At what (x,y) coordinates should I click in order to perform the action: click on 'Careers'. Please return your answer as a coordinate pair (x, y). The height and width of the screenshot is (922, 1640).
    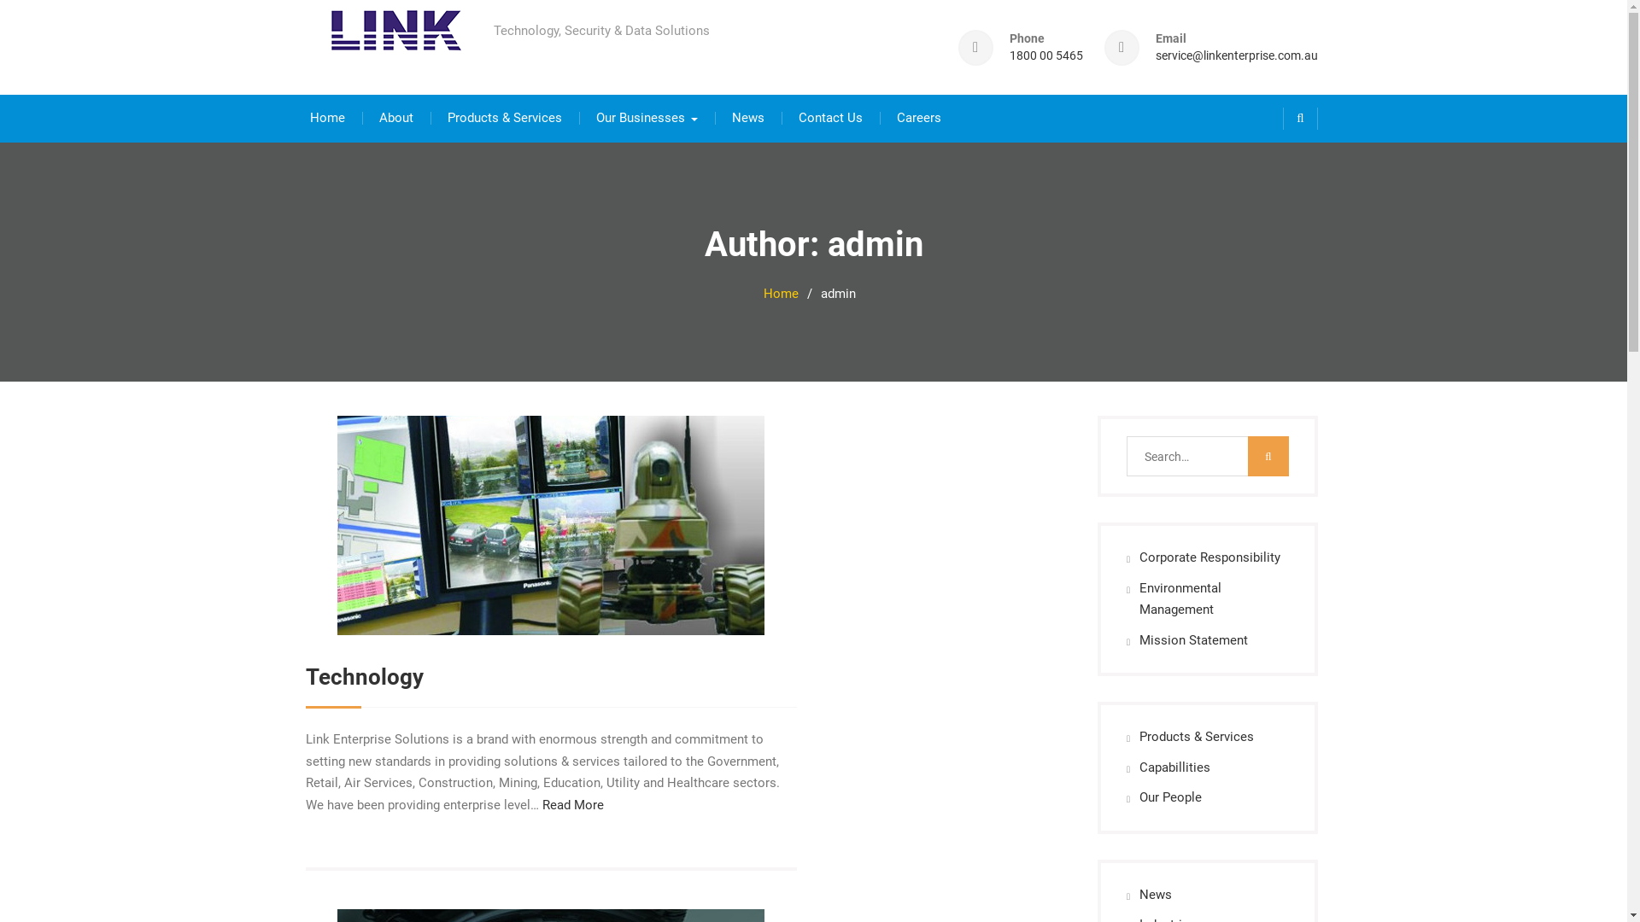
    Looking at the image, I should click on (917, 117).